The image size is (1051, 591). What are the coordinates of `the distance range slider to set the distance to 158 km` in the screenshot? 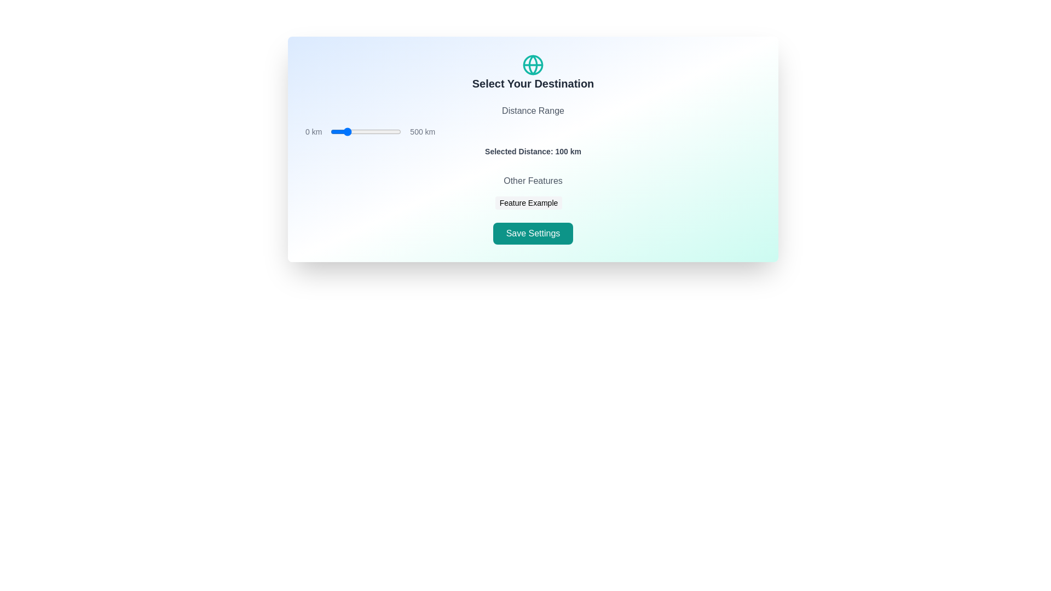 It's located at (353, 131).